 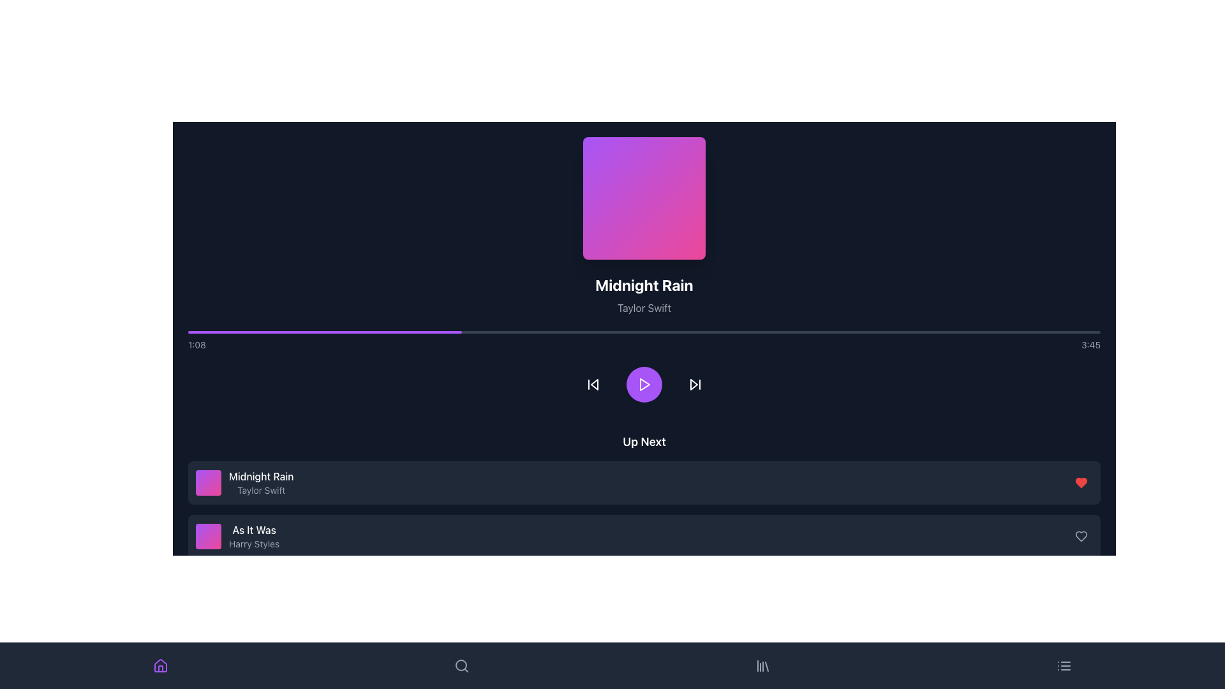 I want to click on the progress bar, so click(x=288, y=331).